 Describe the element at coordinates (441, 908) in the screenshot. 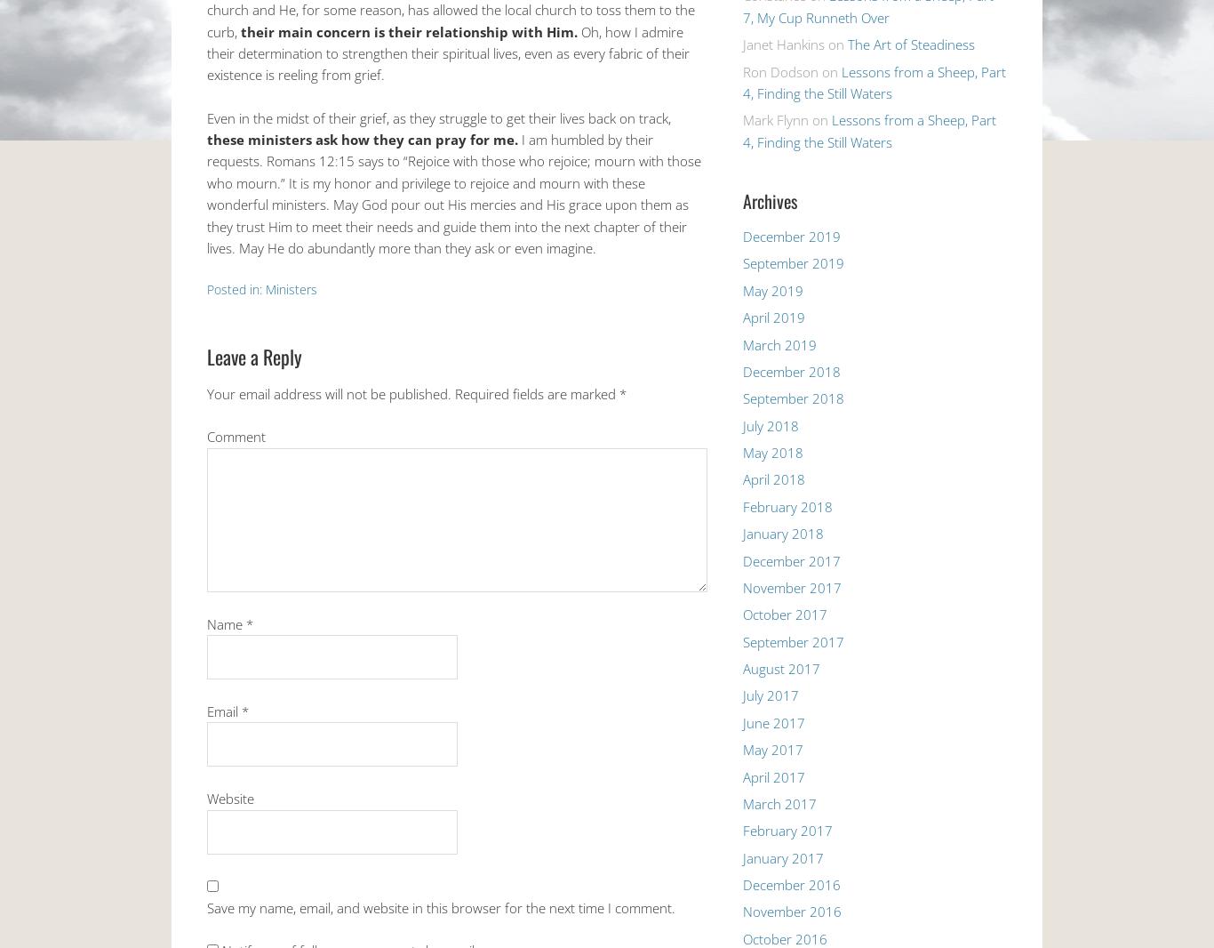

I see `'Save my name, email, and website in this browser for the next time I comment.'` at that location.